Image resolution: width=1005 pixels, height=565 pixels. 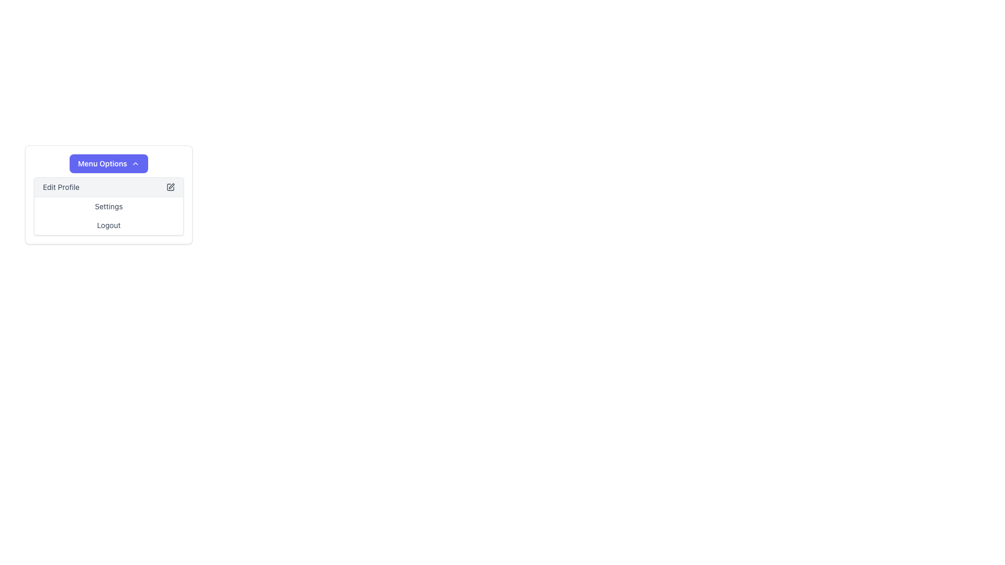 I want to click on the 'Menu Options' button with a purple background and white text to observe any hover effects, so click(x=108, y=163).